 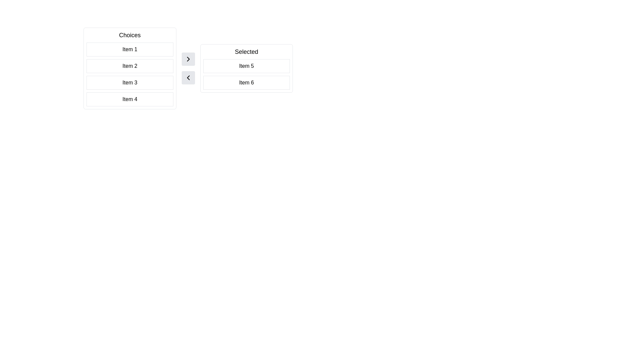 What do you see at coordinates (188, 59) in the screenshot?
I see `the navigation control button for transferring items from the 'Choices' list to the 'Selected' list` at bounding box center [188, 59].